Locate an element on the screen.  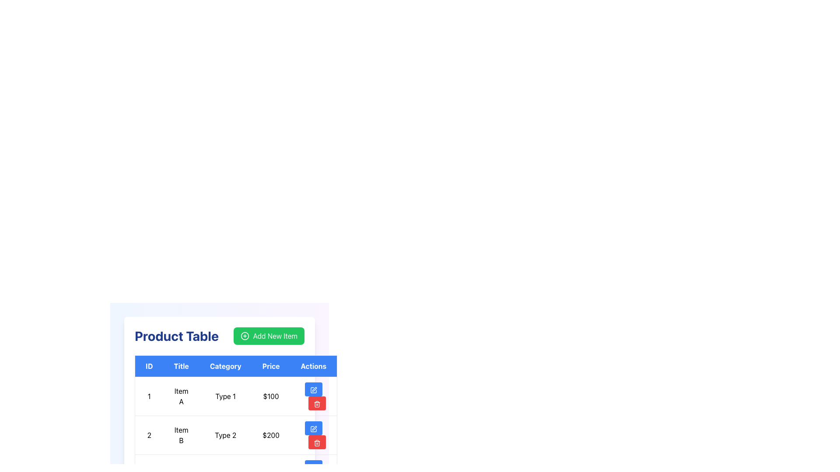
the 'Actions' text label located in the last column of the table header, which is styled with white text on a blue background is located at coordinates (314, 366).